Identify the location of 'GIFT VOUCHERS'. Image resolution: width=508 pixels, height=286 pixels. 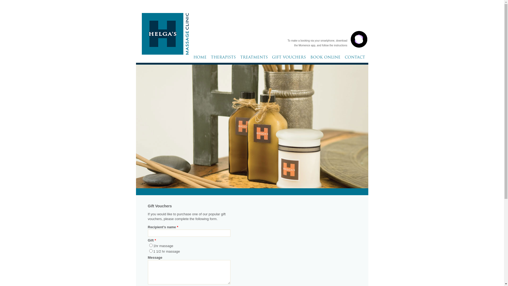
(270, 59).